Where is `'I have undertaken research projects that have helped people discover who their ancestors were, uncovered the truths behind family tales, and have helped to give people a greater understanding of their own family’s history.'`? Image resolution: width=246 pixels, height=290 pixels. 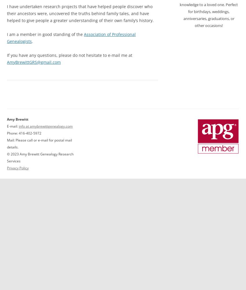 'I have undertaken research projects that have helped people discover who their ancestors were, uncovered the truths behind family tales, and have helped to give people a greater understanding of their own family’s history.' is located at coordinates (80, 13).